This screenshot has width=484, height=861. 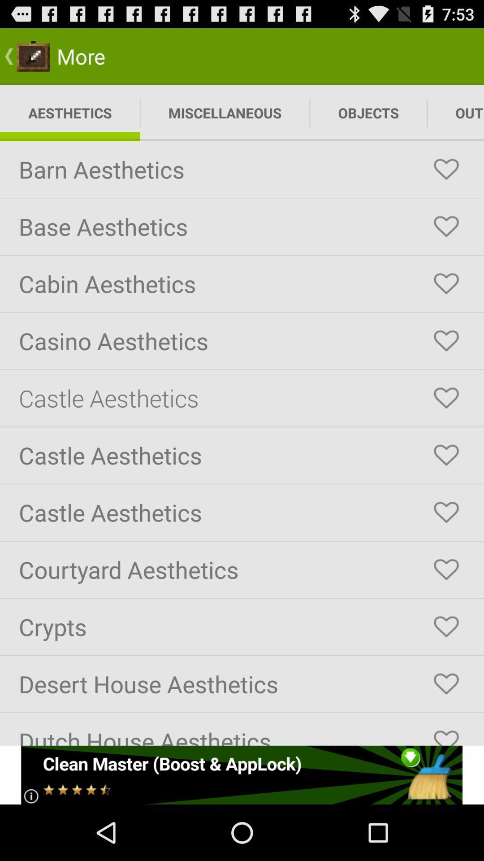 What do you see at coordinates (446, 398) in the screenshot?
I see `favorite` at bounding box center [446, 398].